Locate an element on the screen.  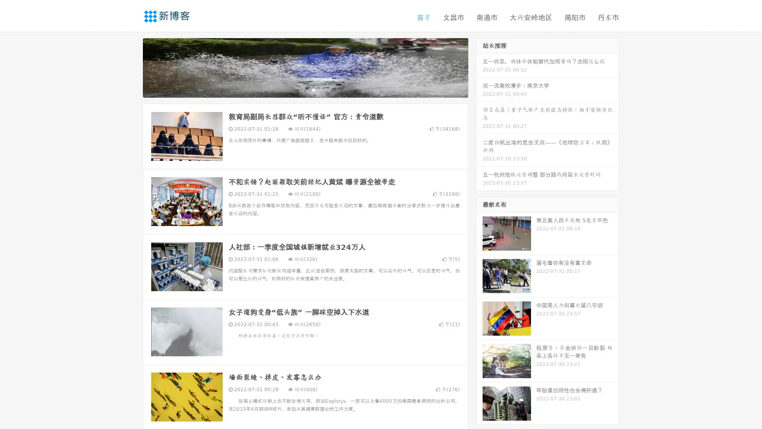
Go to slide 2 is located at coordinates (305, 89).